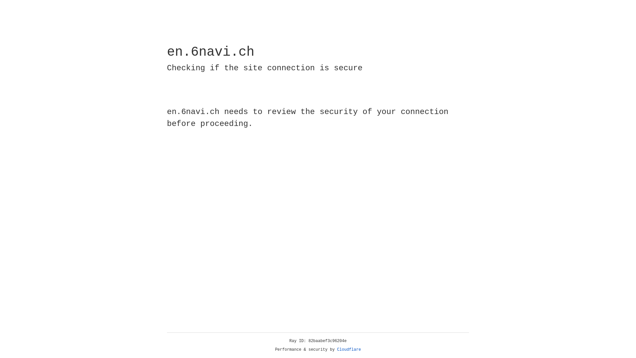 Image resolution: width=636 pixels, height=358 pixels. I want to click on 'Cloudflare', so click(349, 349).